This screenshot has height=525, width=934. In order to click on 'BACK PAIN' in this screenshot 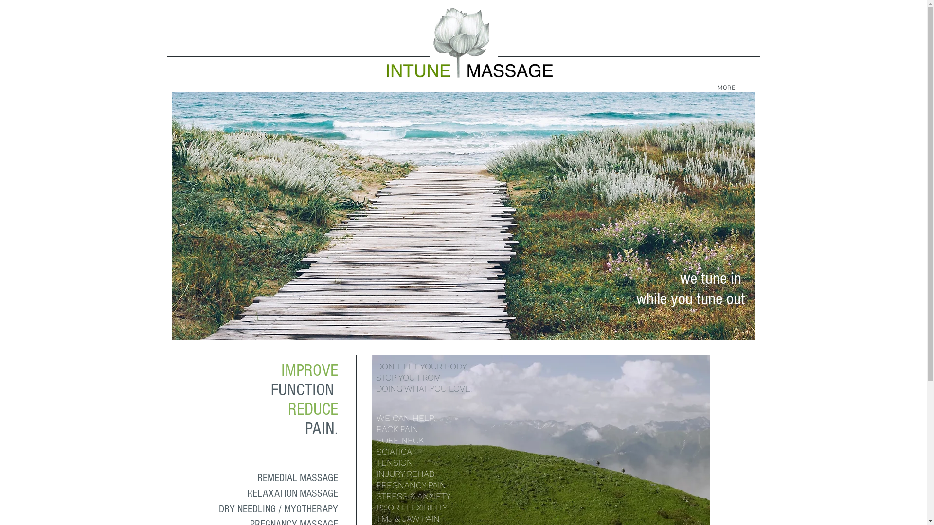, I will do `click(397, 428)`.